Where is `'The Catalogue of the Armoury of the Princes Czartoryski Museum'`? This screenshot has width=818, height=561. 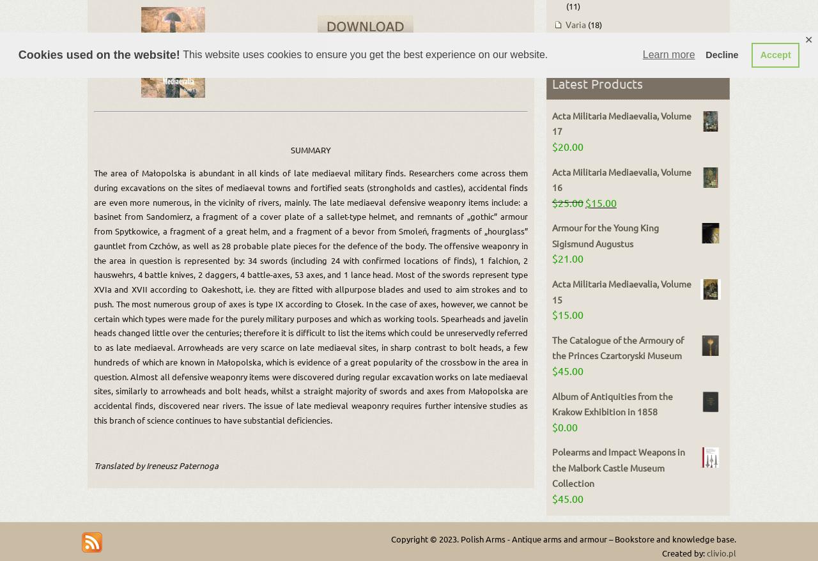 'The Catalogue of the Armoury of the Princes Czartoryski Museum' is located at coordinates (617, 346).